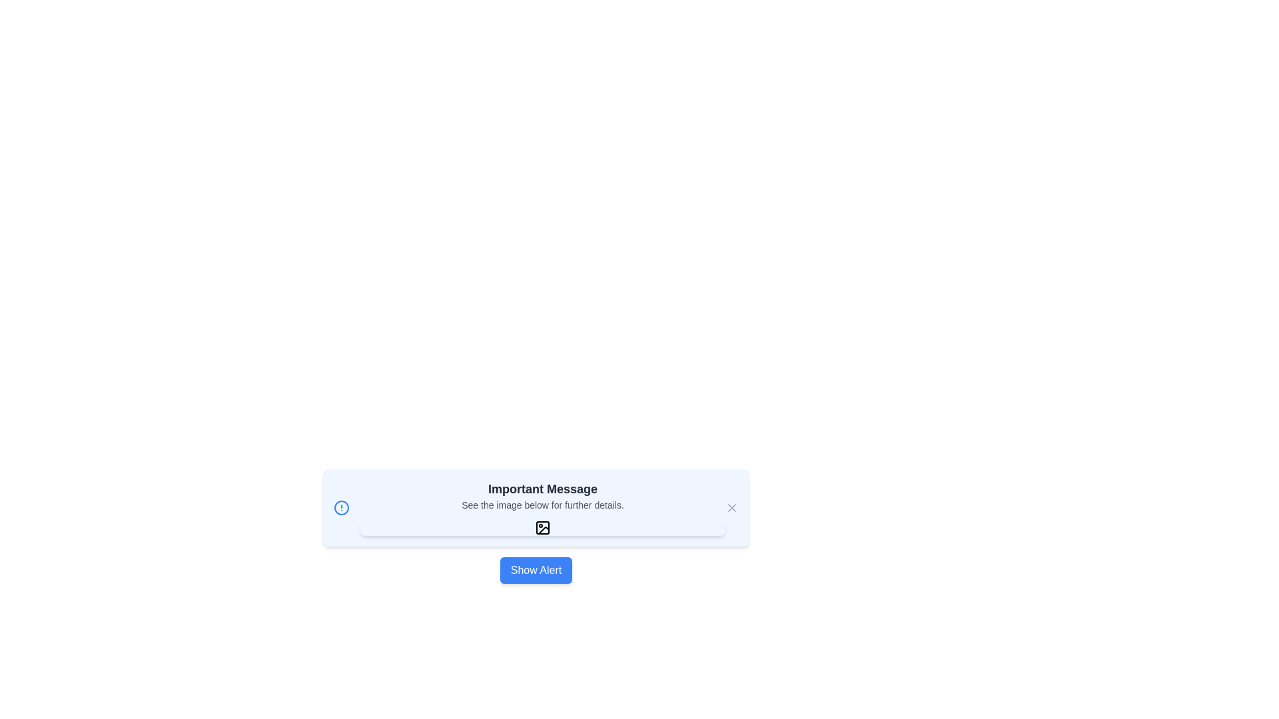 This screenshot has height=719, width=1279. I want to click on close button on the alert to close it, so click(731, 508).